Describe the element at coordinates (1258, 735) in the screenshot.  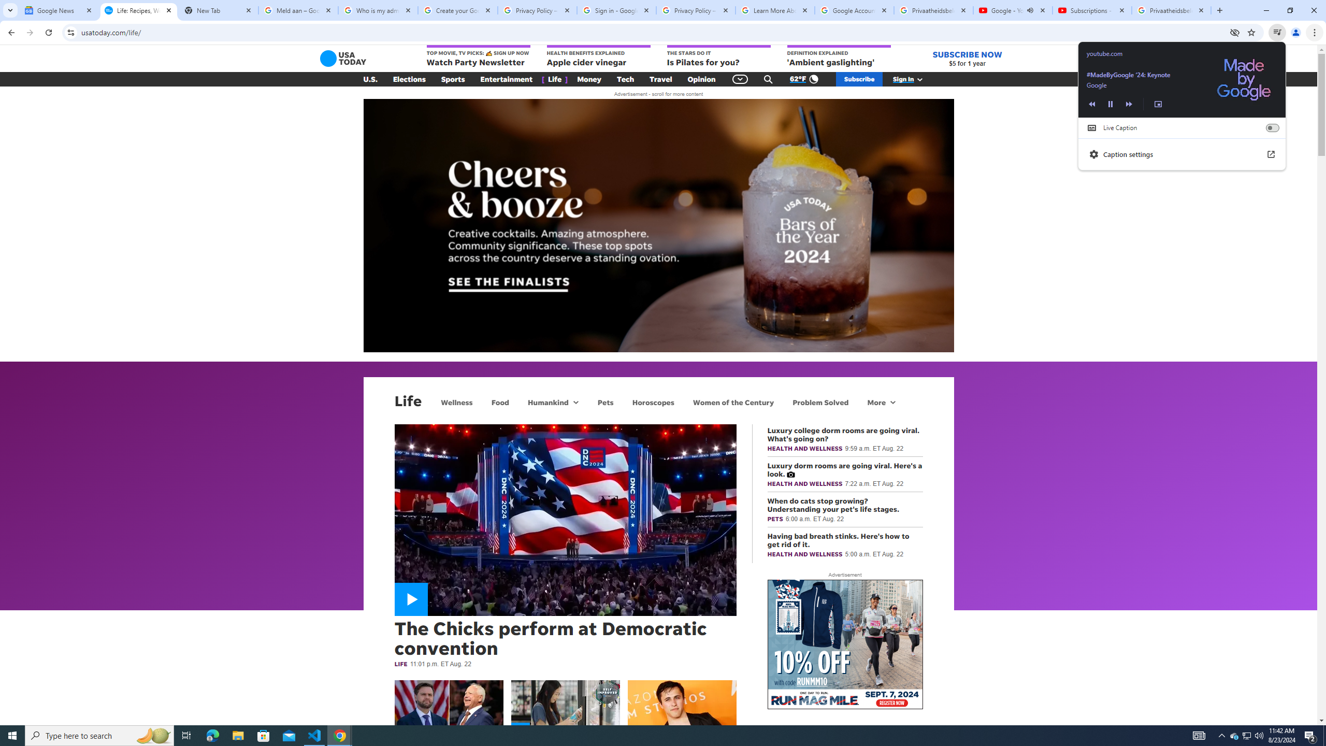
I see `'Q2790: 100%'` at that location.